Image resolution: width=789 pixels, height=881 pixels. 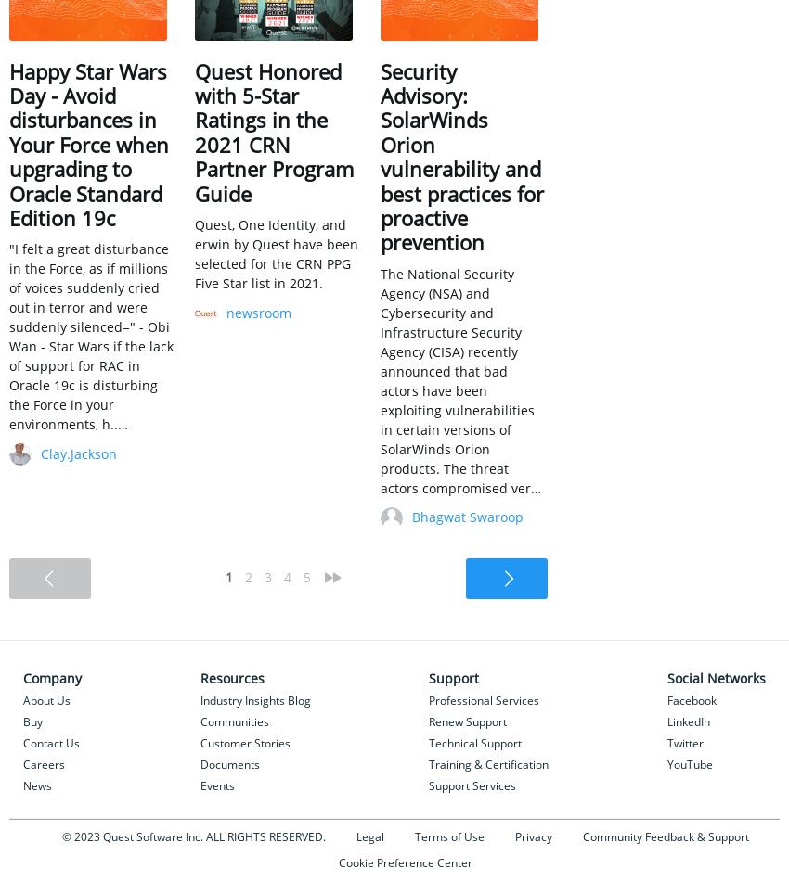 I want to click on 'Legal', so click(x=356, y=835).